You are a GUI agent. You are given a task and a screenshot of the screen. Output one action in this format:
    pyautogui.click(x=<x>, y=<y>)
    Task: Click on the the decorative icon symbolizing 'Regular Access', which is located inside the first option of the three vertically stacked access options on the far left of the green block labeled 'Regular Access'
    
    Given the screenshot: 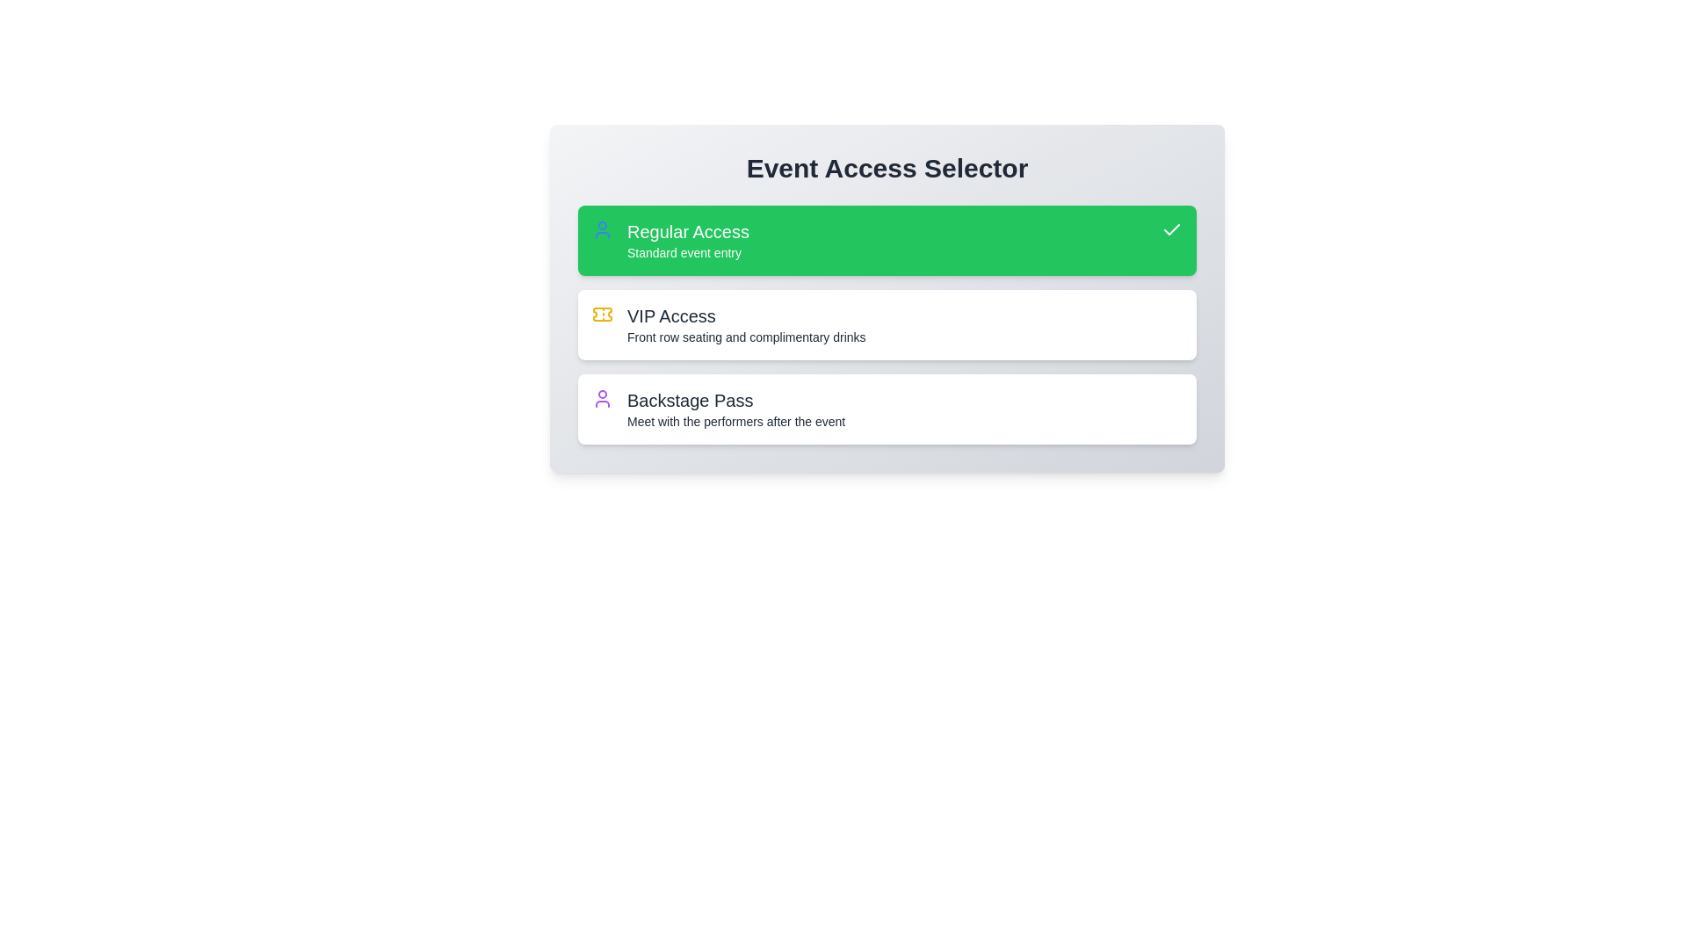 What is the action you would take?
    pyautogui.click(x=603, y=399)
    